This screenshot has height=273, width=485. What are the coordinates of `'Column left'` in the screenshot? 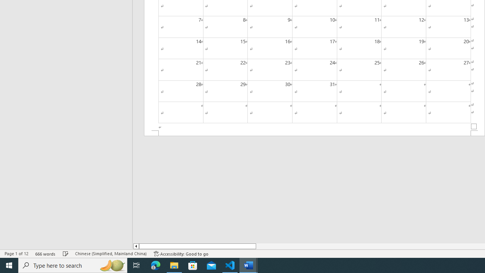 It's located at (136, 246).